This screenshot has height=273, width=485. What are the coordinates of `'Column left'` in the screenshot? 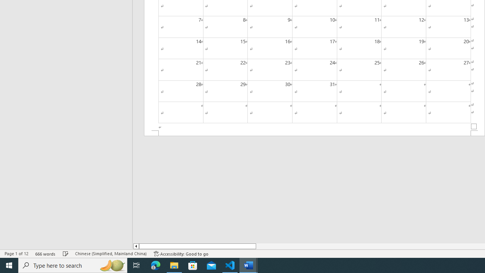 It's located at (136, 246).